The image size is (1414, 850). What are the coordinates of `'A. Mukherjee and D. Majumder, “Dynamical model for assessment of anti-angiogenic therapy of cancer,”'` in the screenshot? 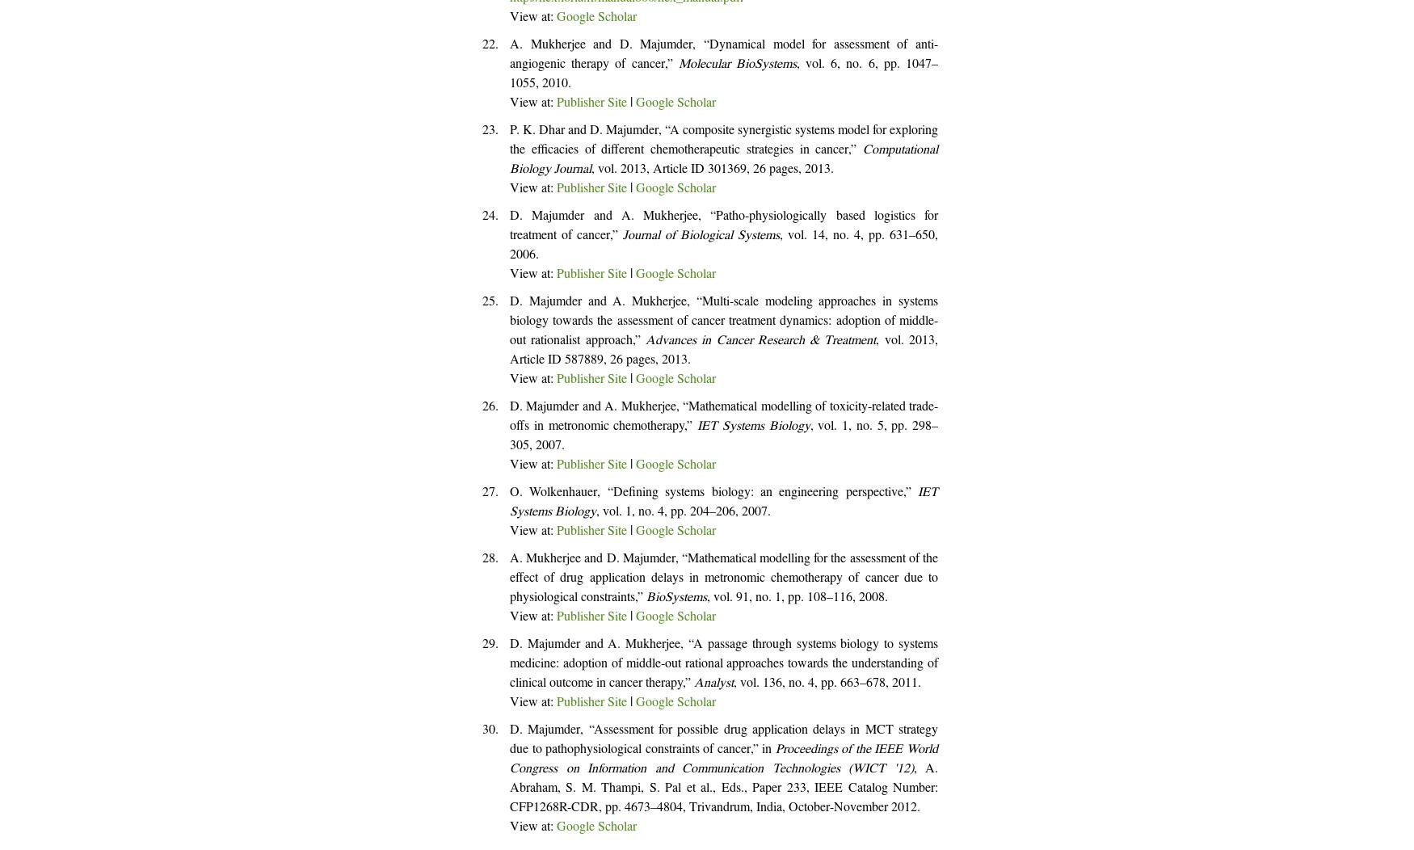 It's located at (509, 55).